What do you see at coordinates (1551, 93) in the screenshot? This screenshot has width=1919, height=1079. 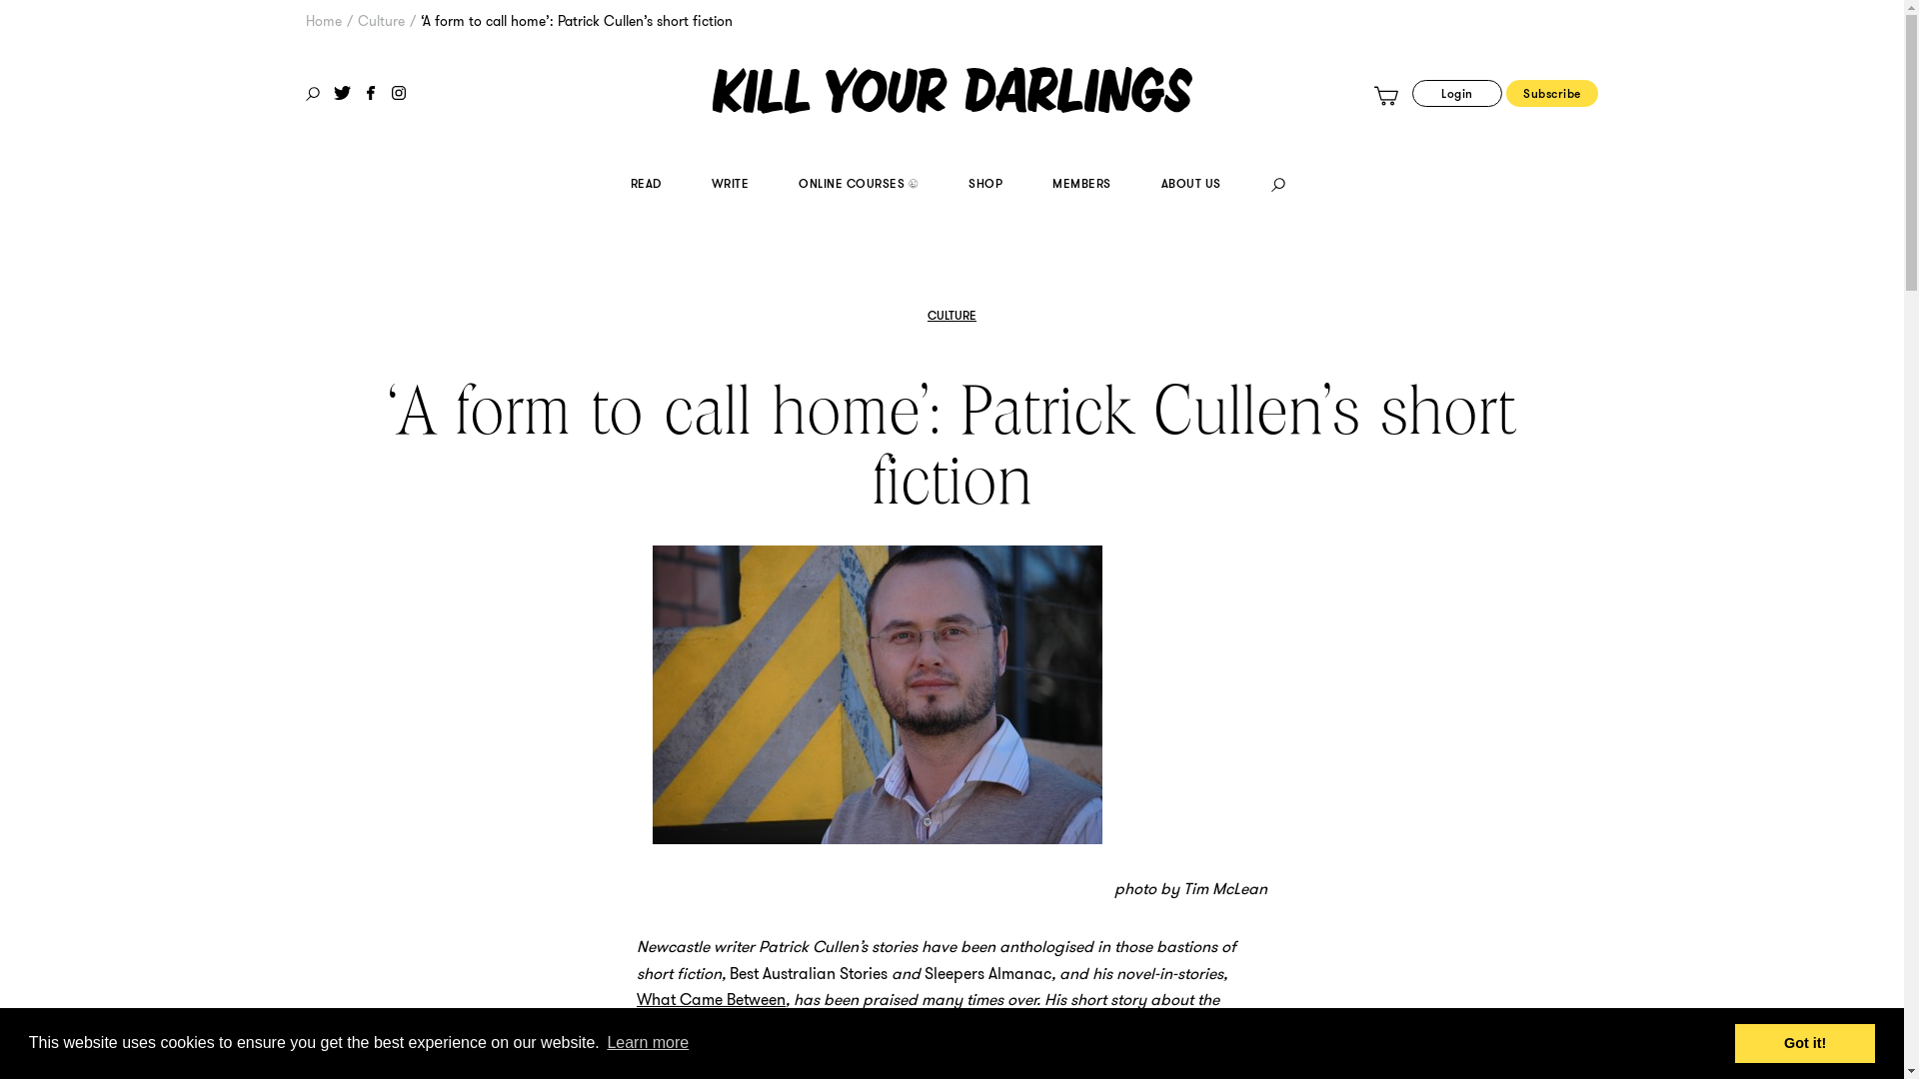 I see `'Subscribe'` at bounding box center [1551, 93].